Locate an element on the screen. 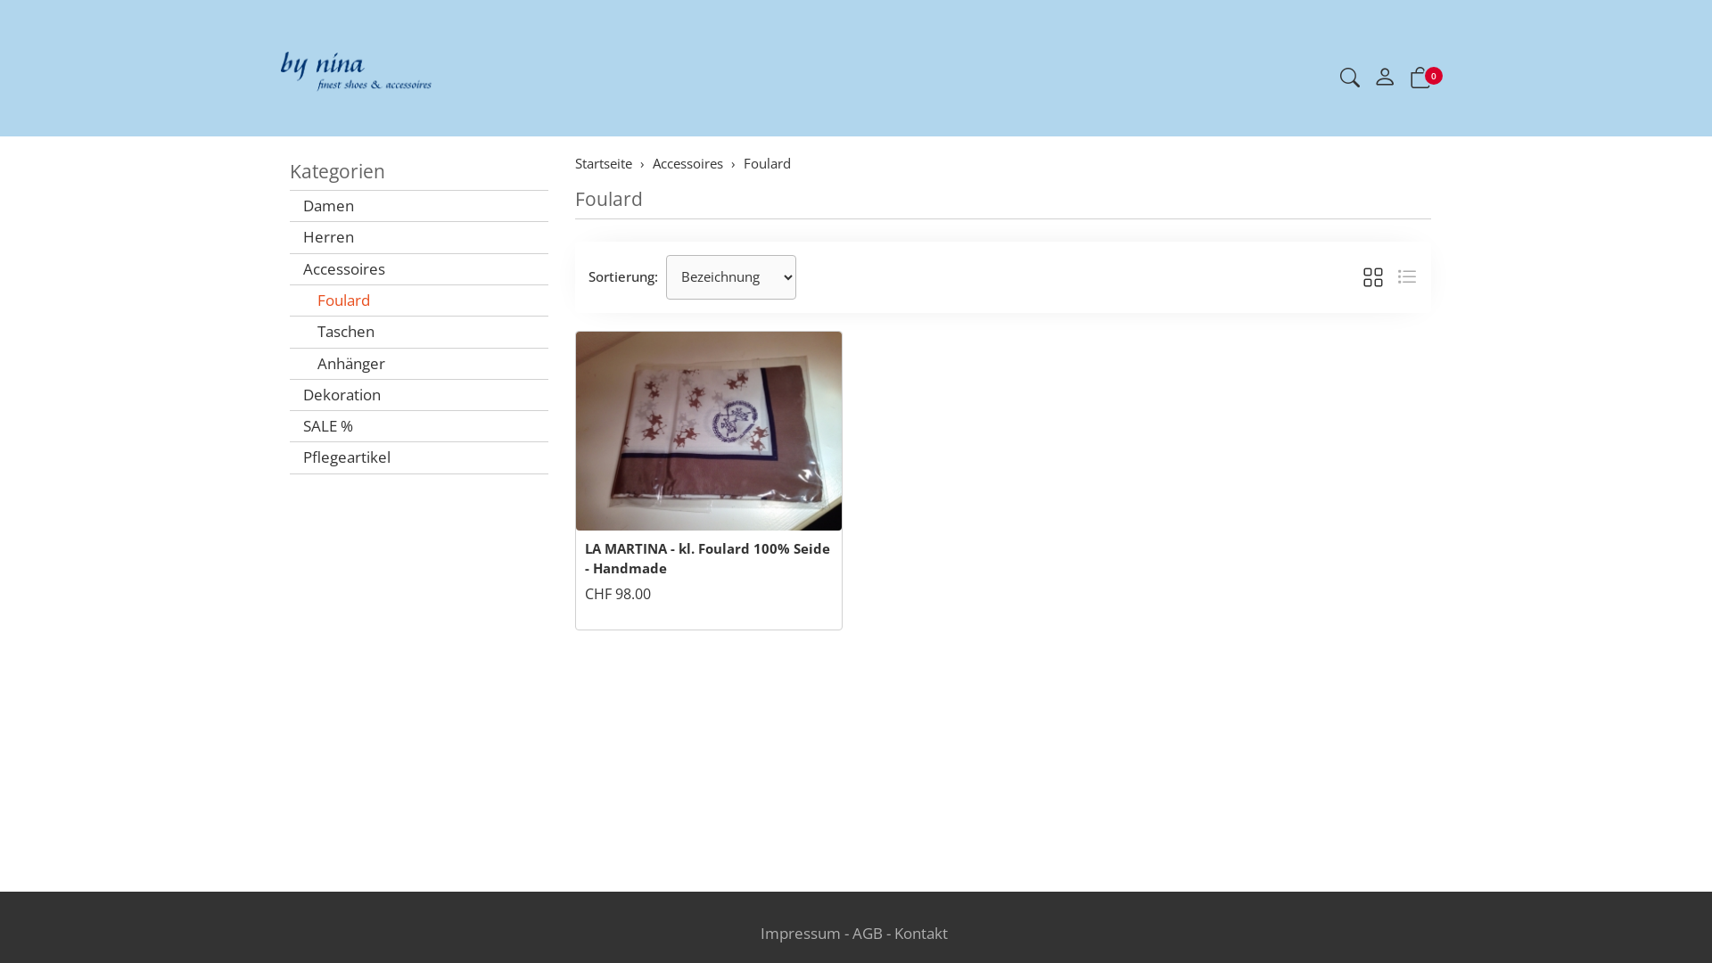 Image resolution: width=1712 pixels, height=963 pixels. 'SALE %' is located at coordinates (418, 426).